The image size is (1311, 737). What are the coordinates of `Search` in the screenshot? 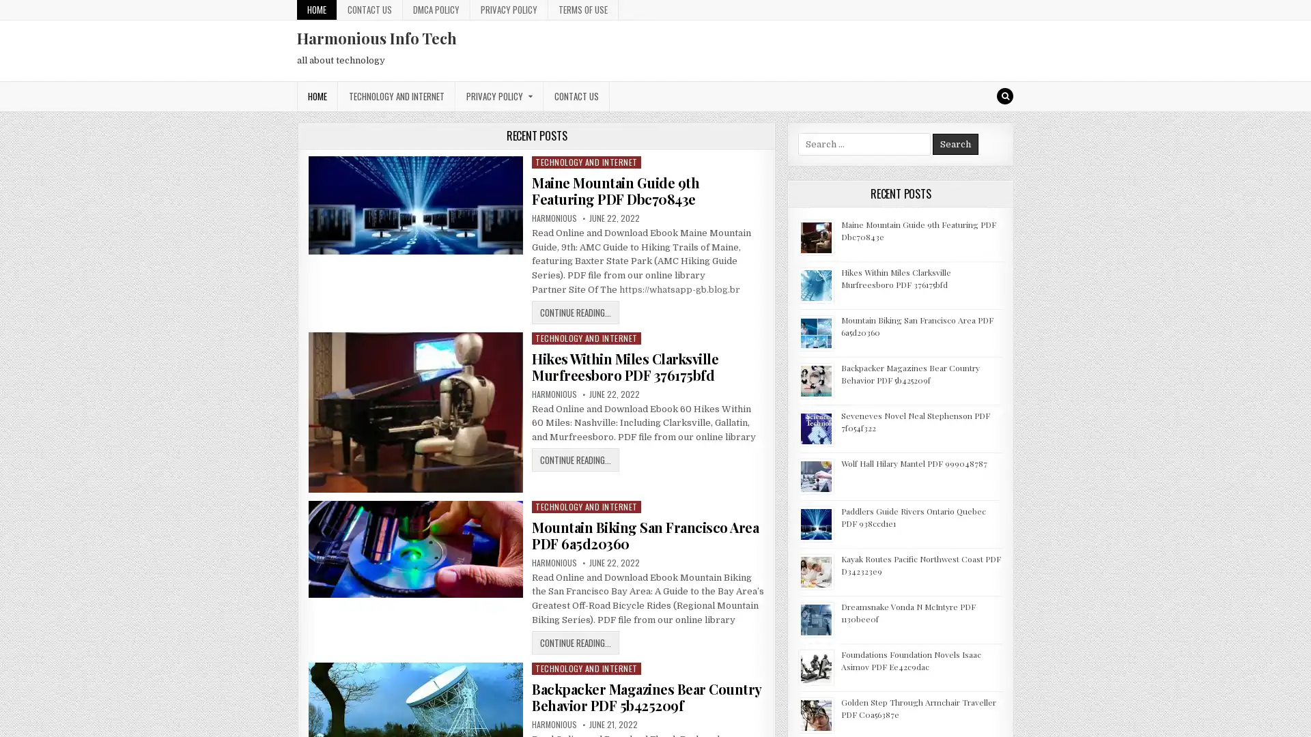 It's located at (955, 144).